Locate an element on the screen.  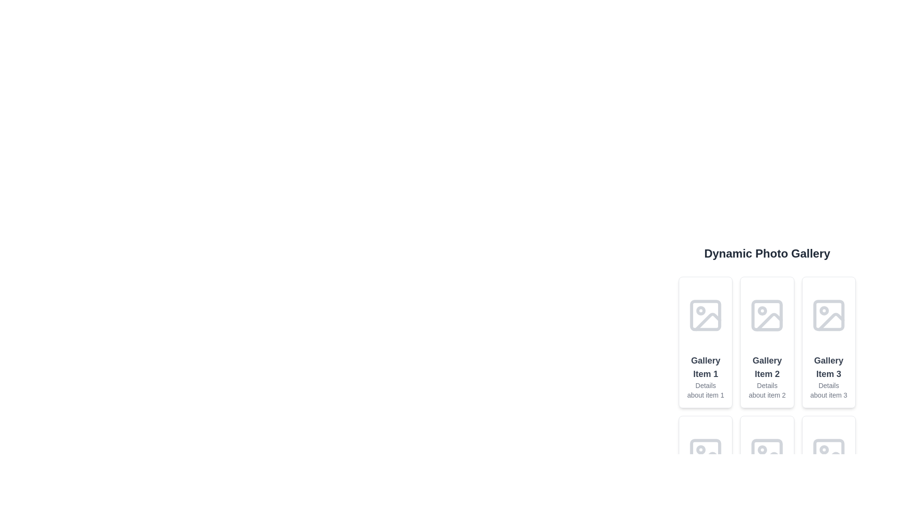
the small gray rounded rectangle within the icon of the third gallery card labeled 'Gallery Item 3' in the top row of the gallery grid is located at coordinates (828, 316).